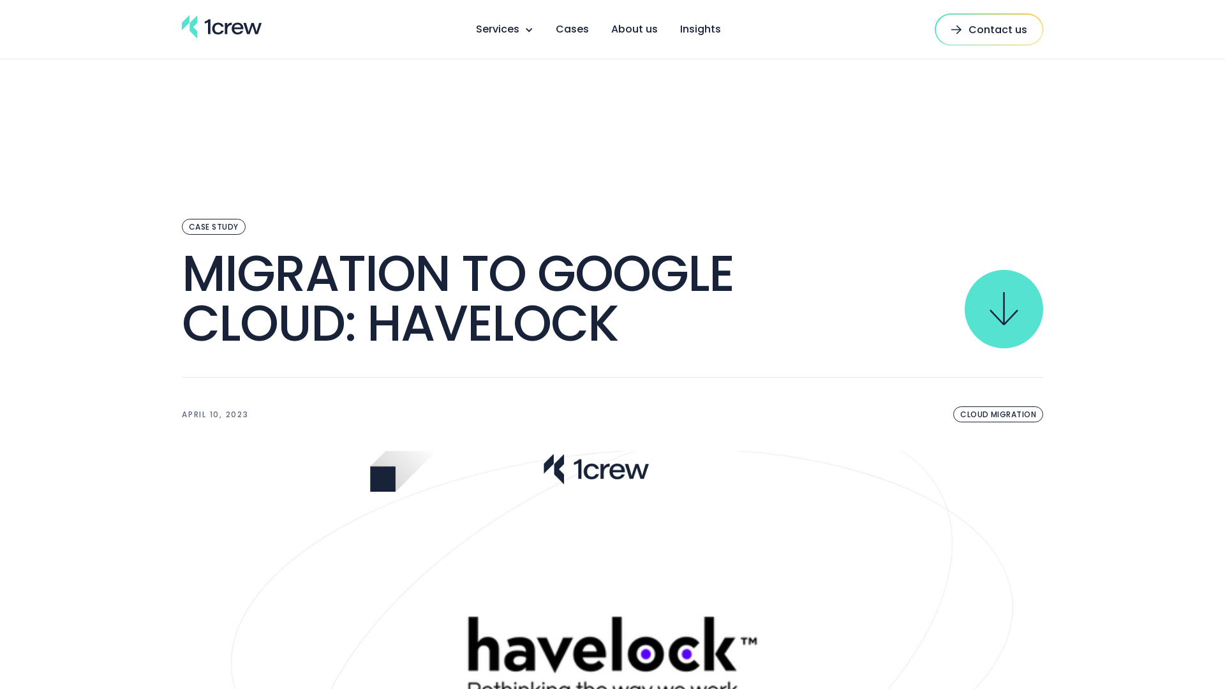 This screenshot has height=689, width=1225. Describe the element at coordinates (988, 29) in the screenshot. I see `'Contact us'` at that location.